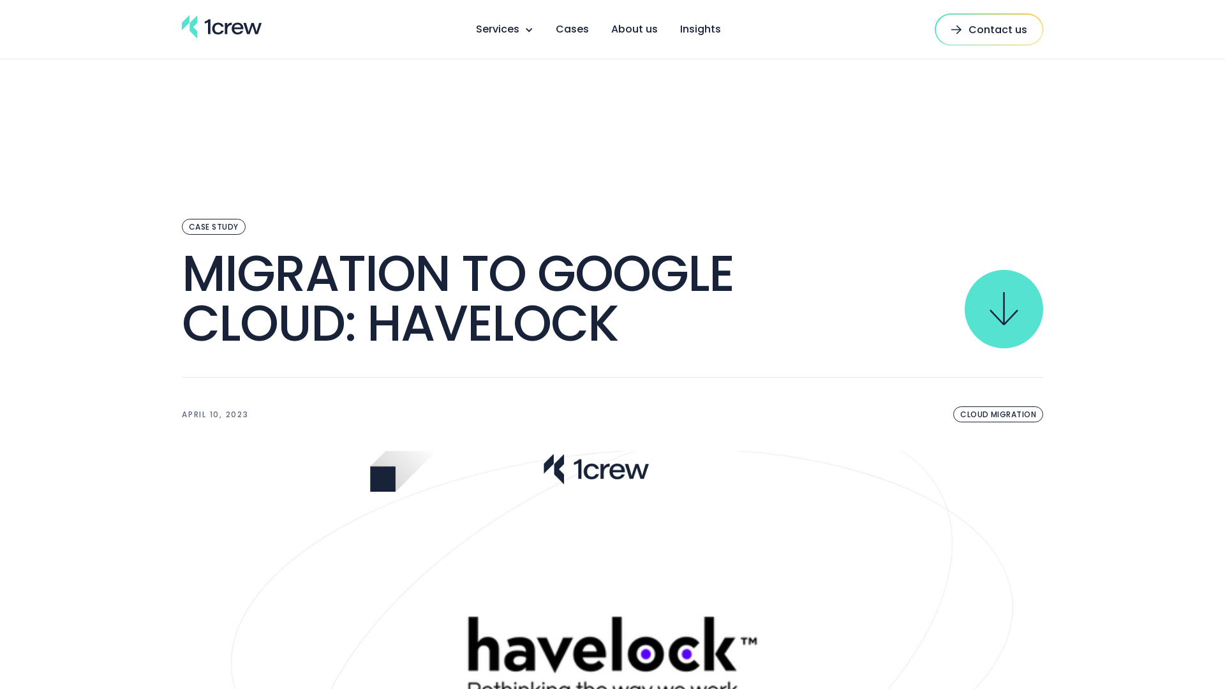 This screenshot has height=689, width=1225. Describe the element at coordinates (988, 29) in the screenshot. I see `'Contact us'` at that location.